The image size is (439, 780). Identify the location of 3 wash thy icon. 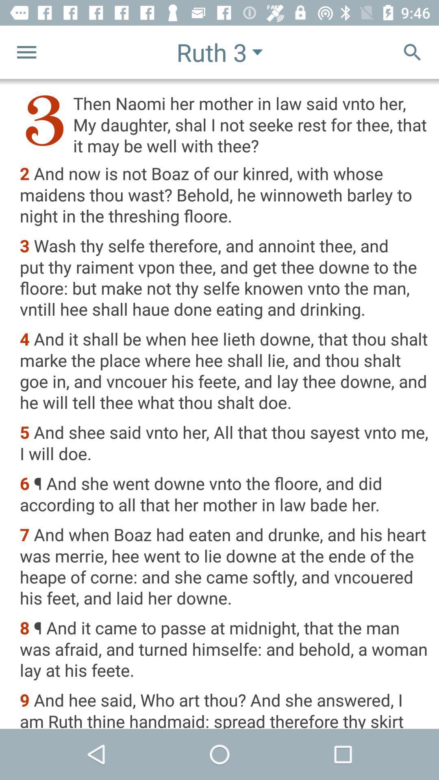
(224, 278).